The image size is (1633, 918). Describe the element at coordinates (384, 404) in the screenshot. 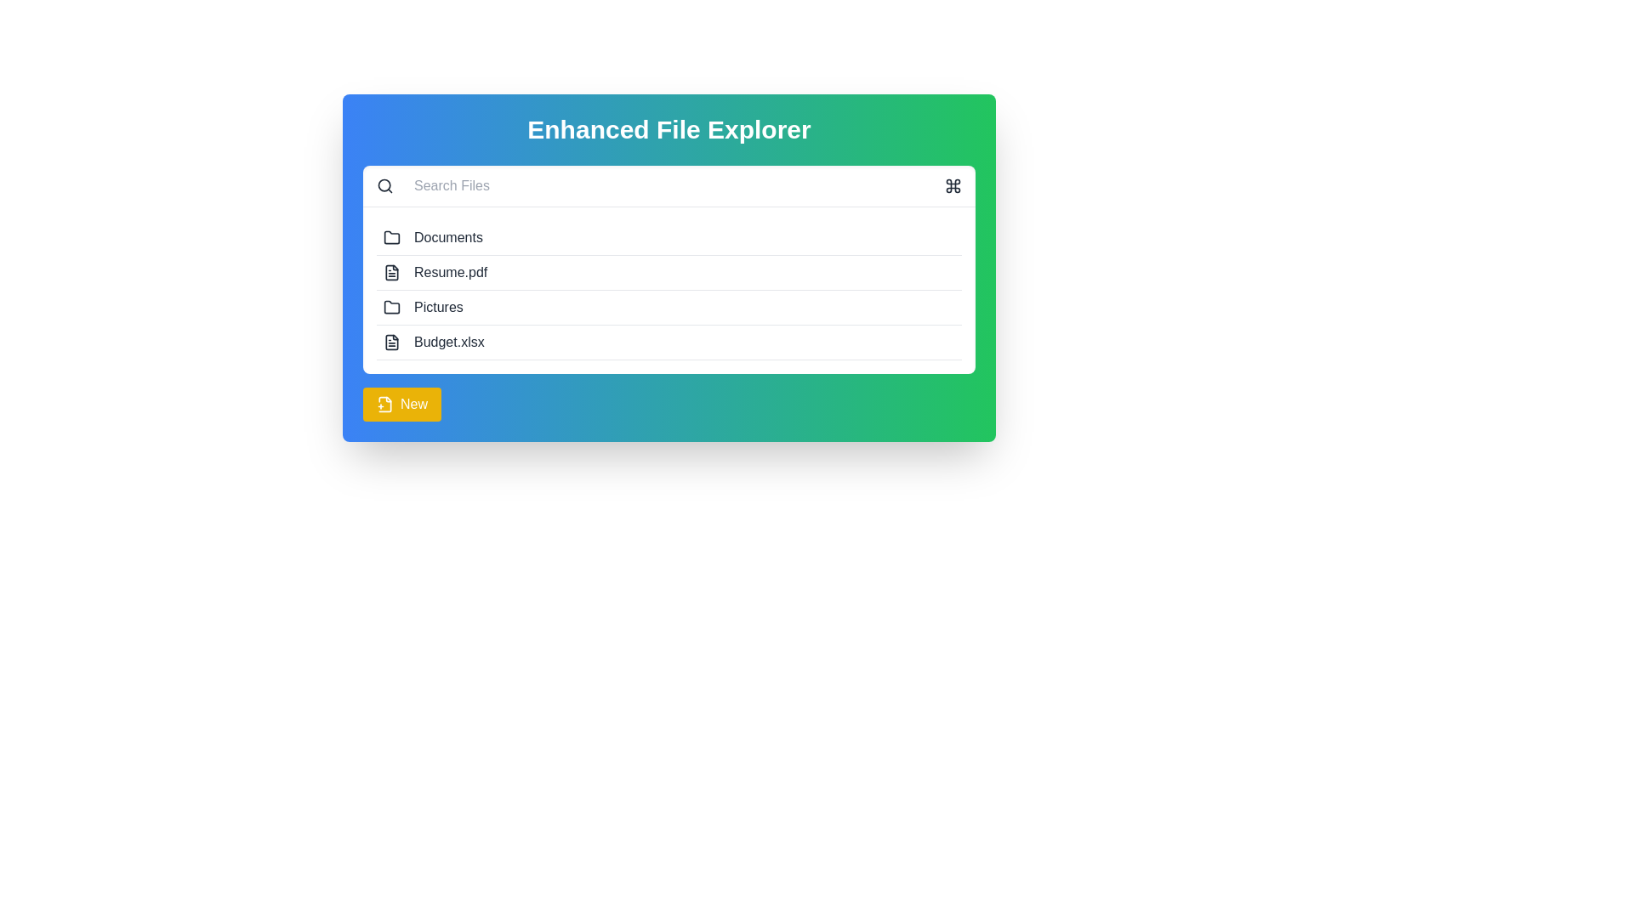

I see `the line-drawn document icon with a plus symbol located to the left of the 'New' label within the 'New' button` at that location.